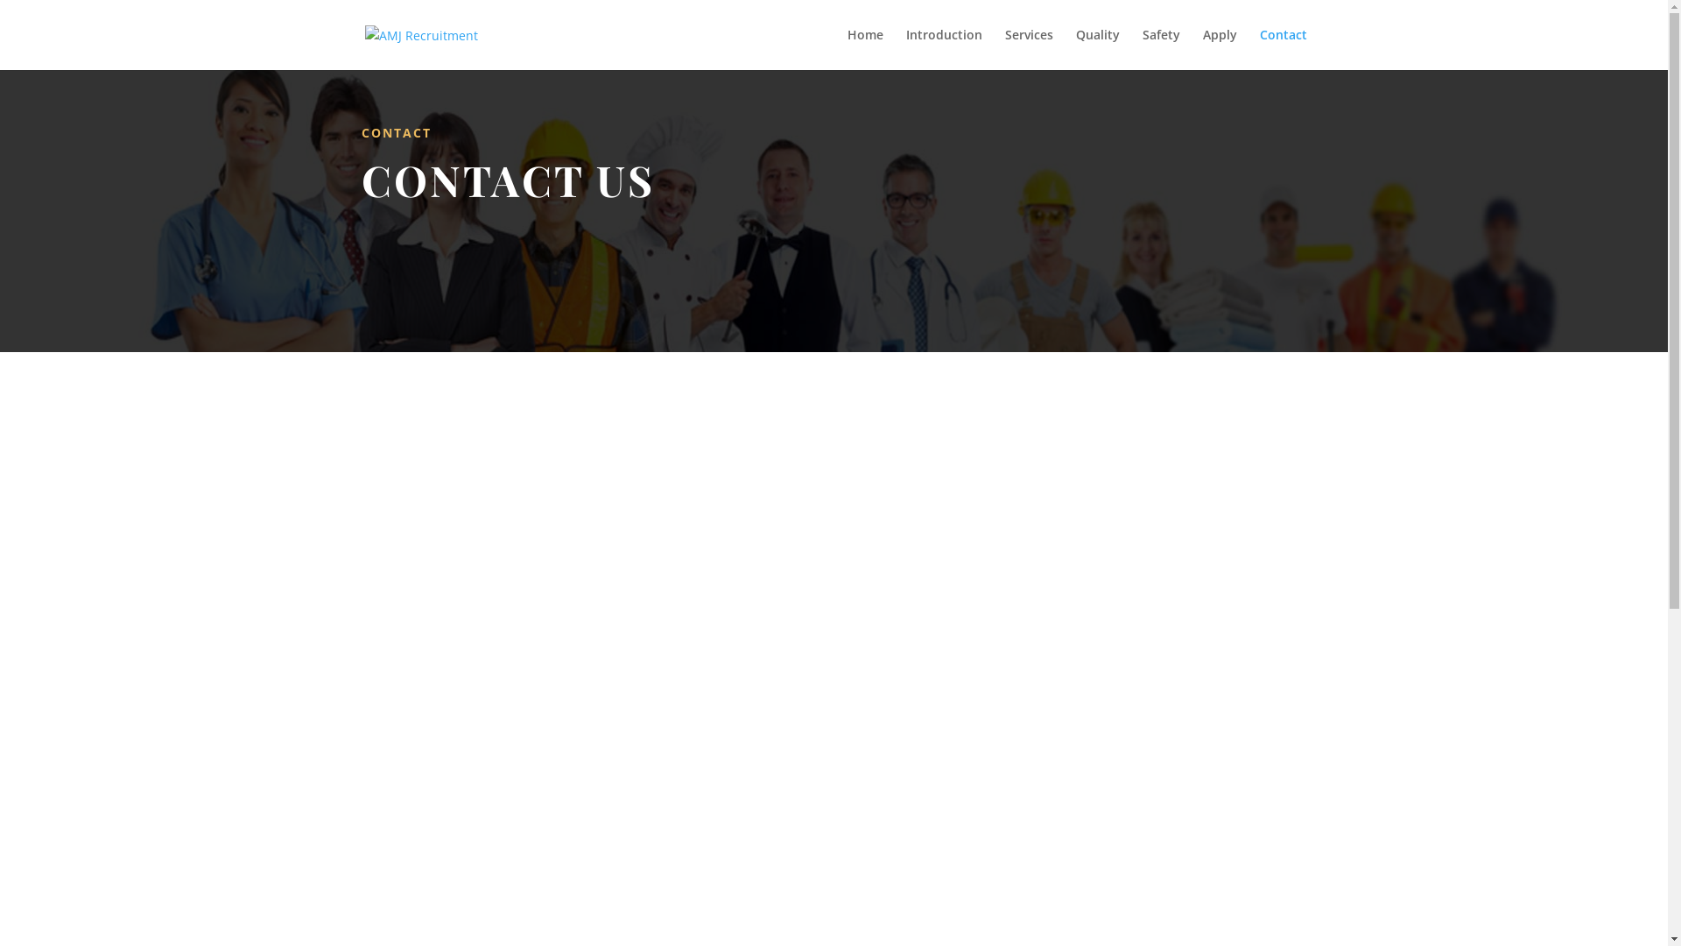 The height and width of the screenshot is (946, 1681). What do you see at coordinates (1160, 48) in the screenshot?
I see `'Safety'` at bounding box center [1160, 48].